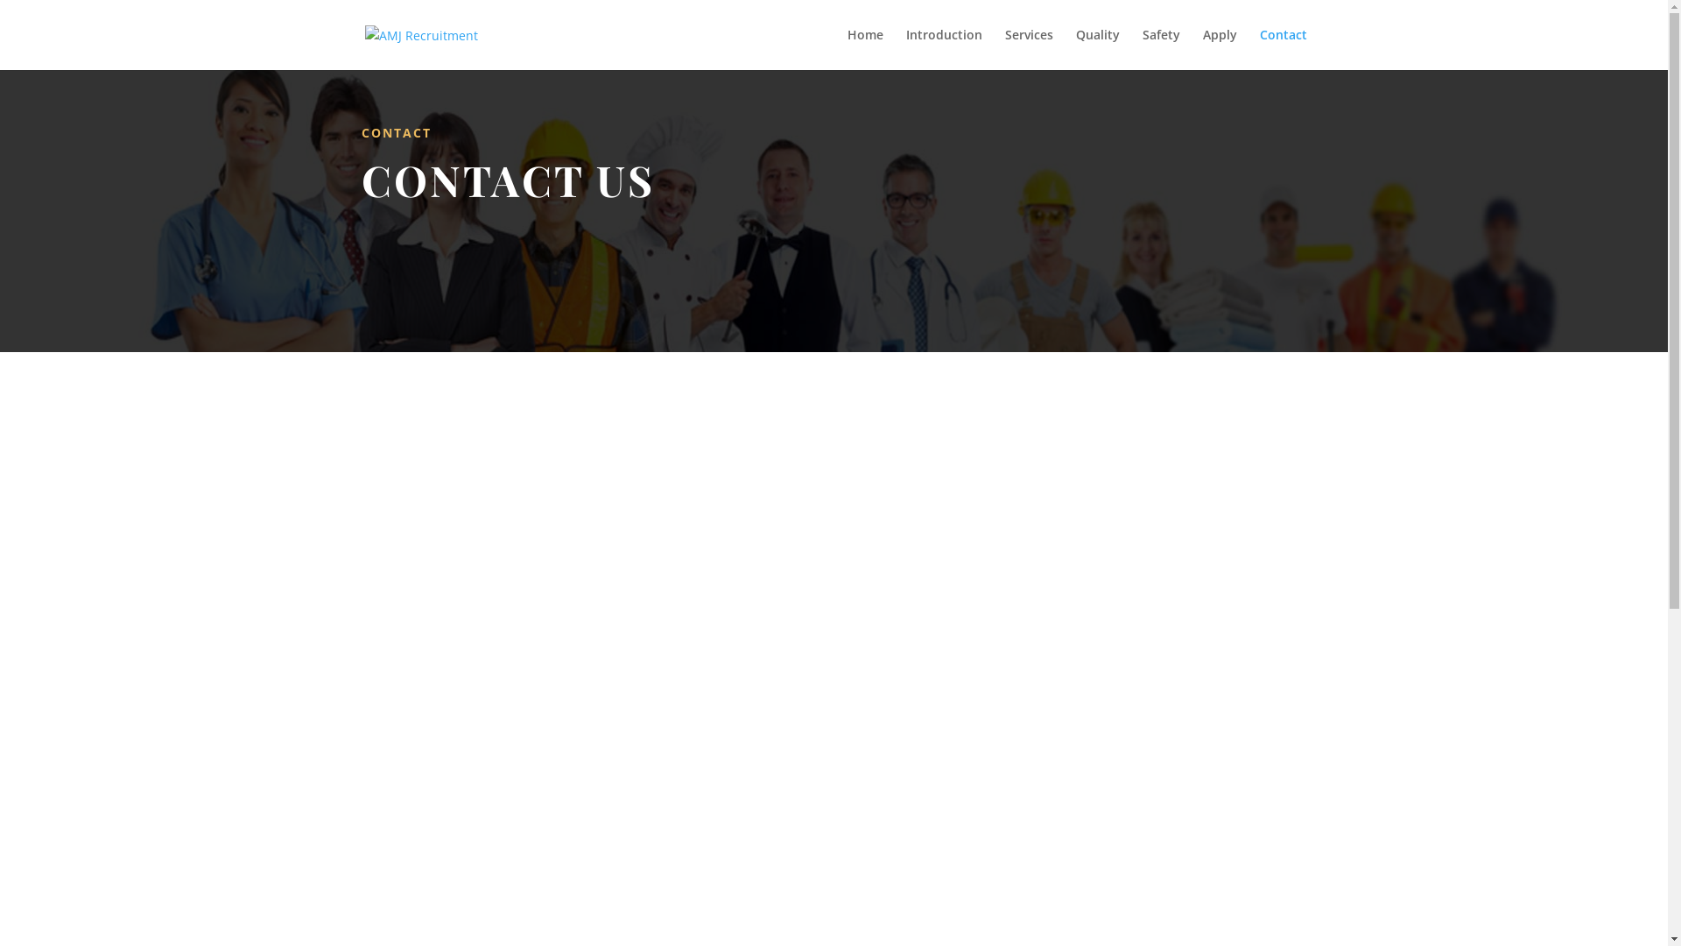 The height and width of the screenshot is (946, 1681). What do you see at coordinates (1160, 48) in the screenshot?
I see `'Safety'` at bounding box center [1160, 48].